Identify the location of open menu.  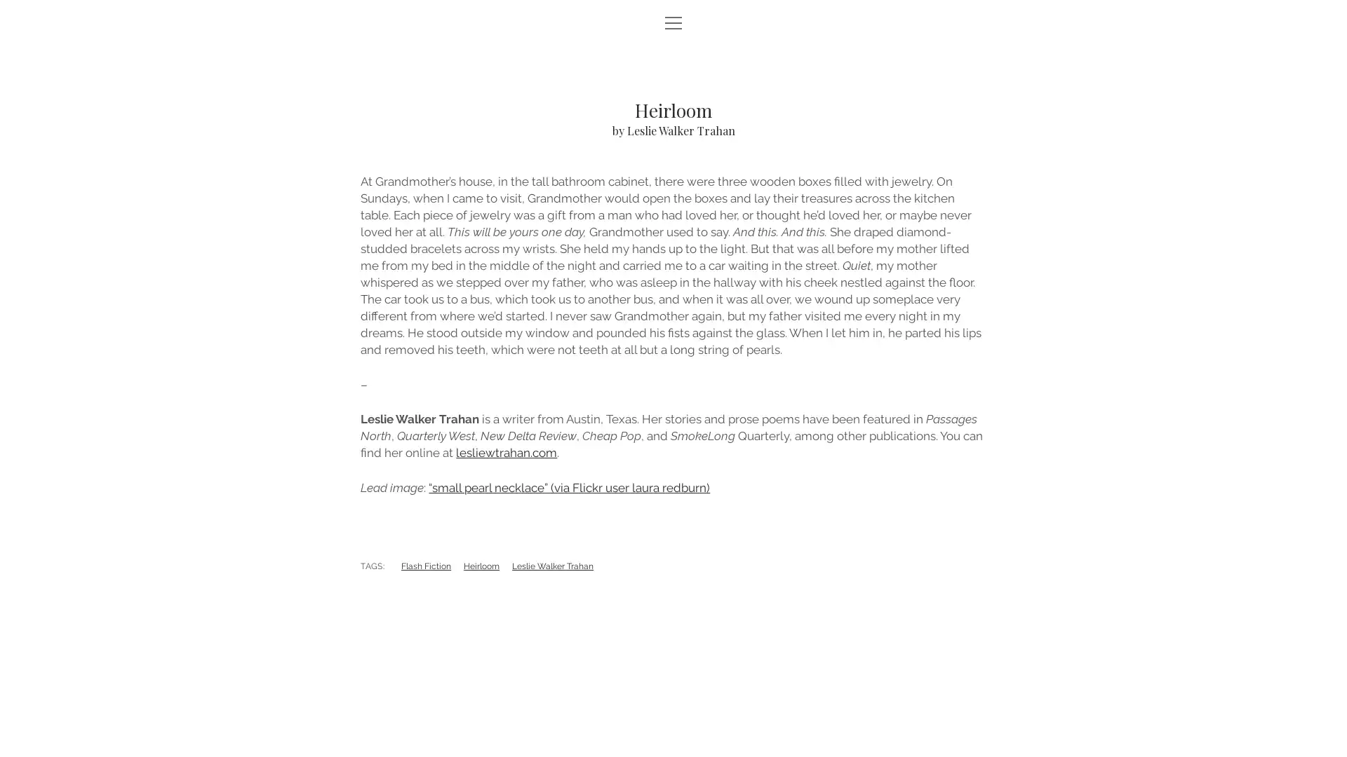
(673, 24).